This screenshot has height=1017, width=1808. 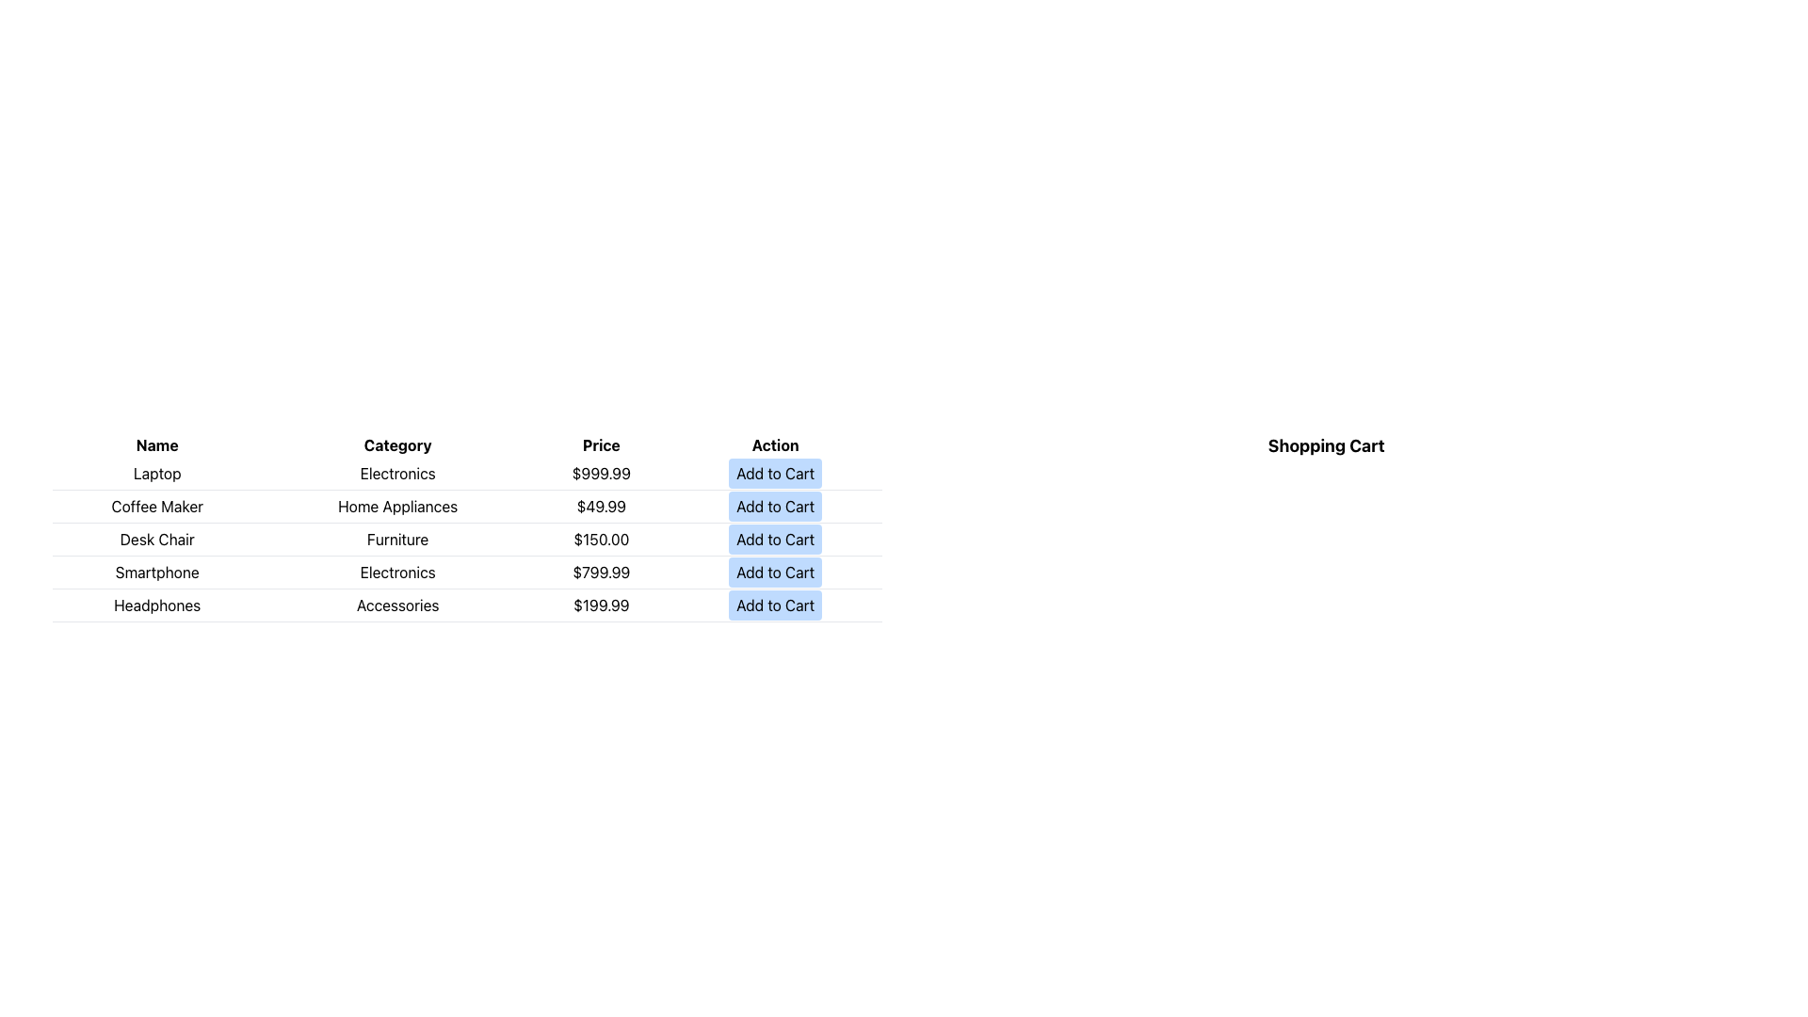 I want to click on the 'Add to Cart' button, which is a light blue rectangular button with rounded corners located in the Action column associated with the row for 'Headphones', so click(x=775, y=605).